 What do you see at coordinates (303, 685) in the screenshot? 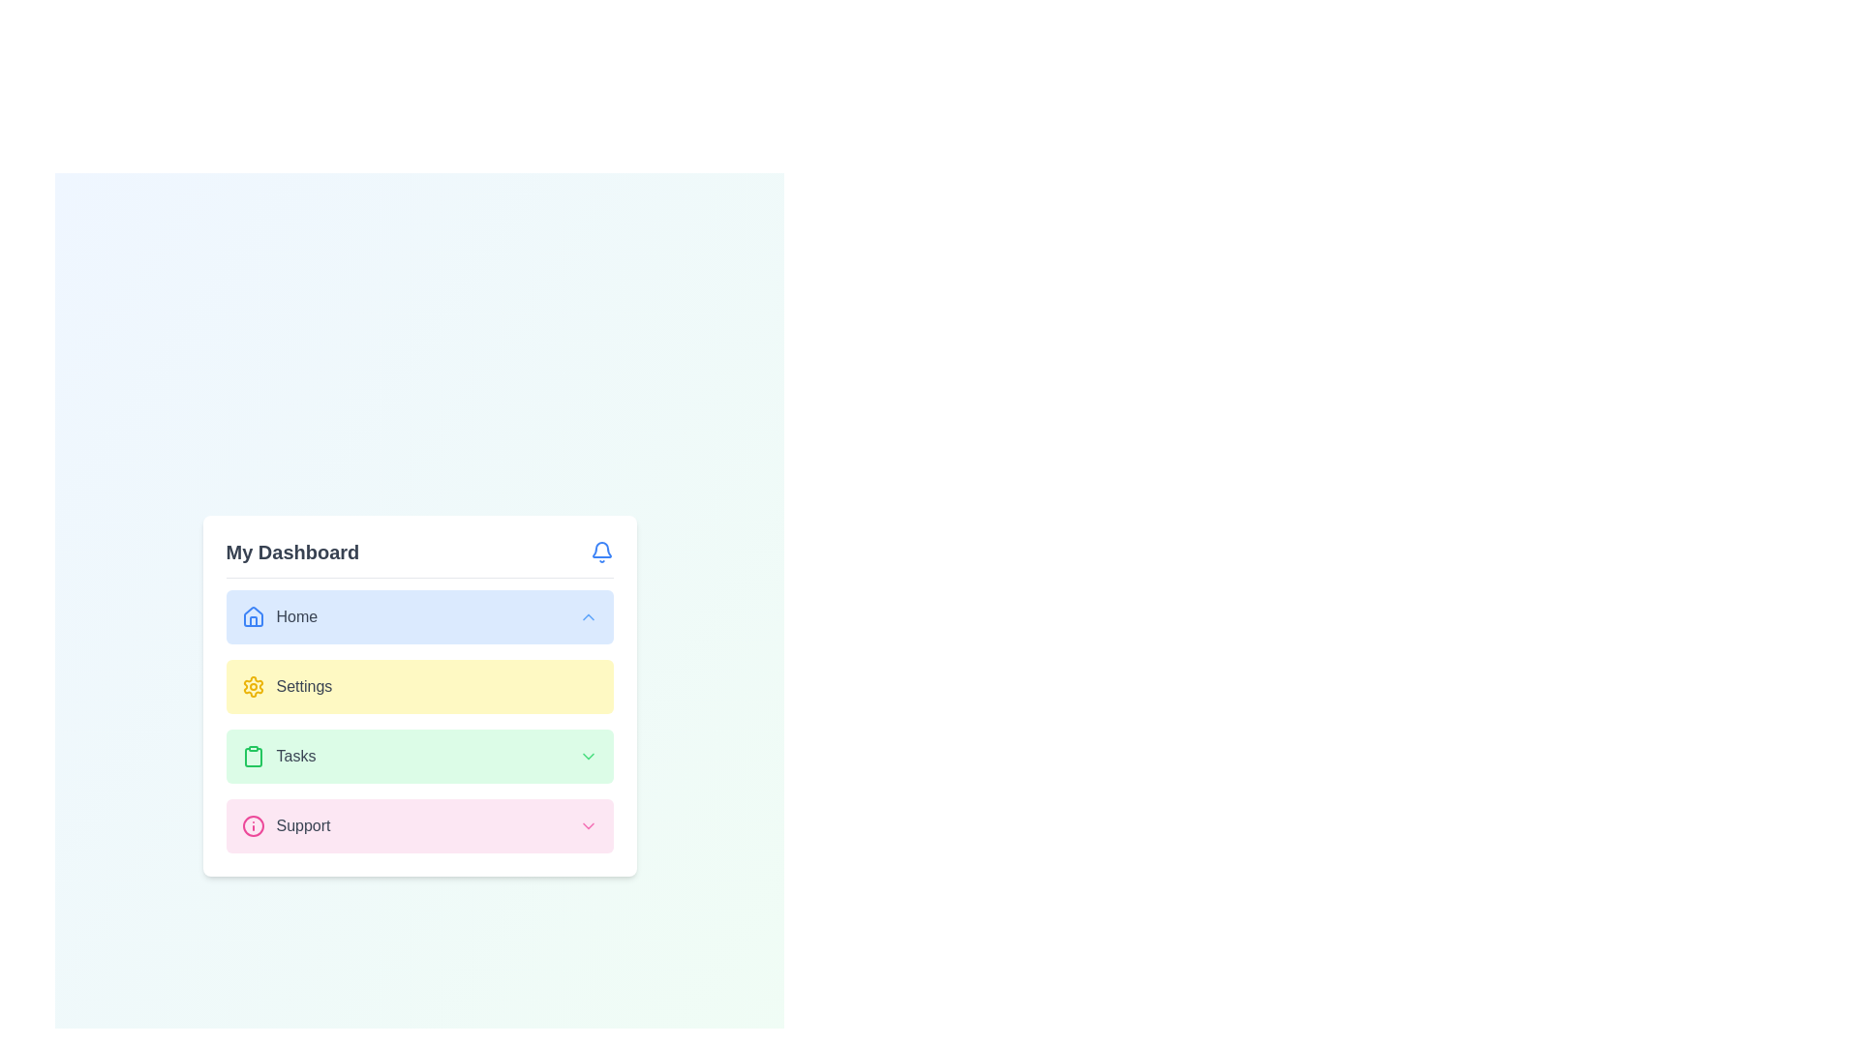
I see `the settings label, which is the second item in a list next to the yellow gear icon, guiding users to configuration options` at bounding box center [303, 685].